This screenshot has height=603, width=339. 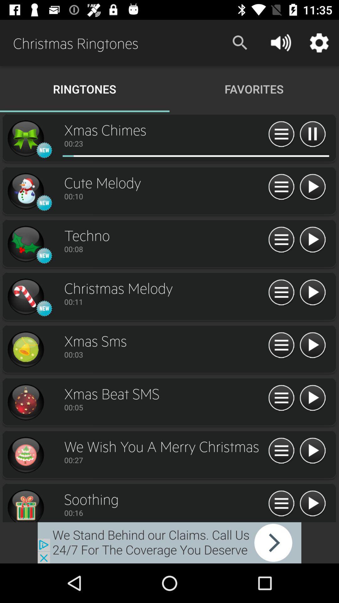 What do you see at coordinates (312, 134) in the screenshot?
I see `pause button` at bounding box center [312, 134].